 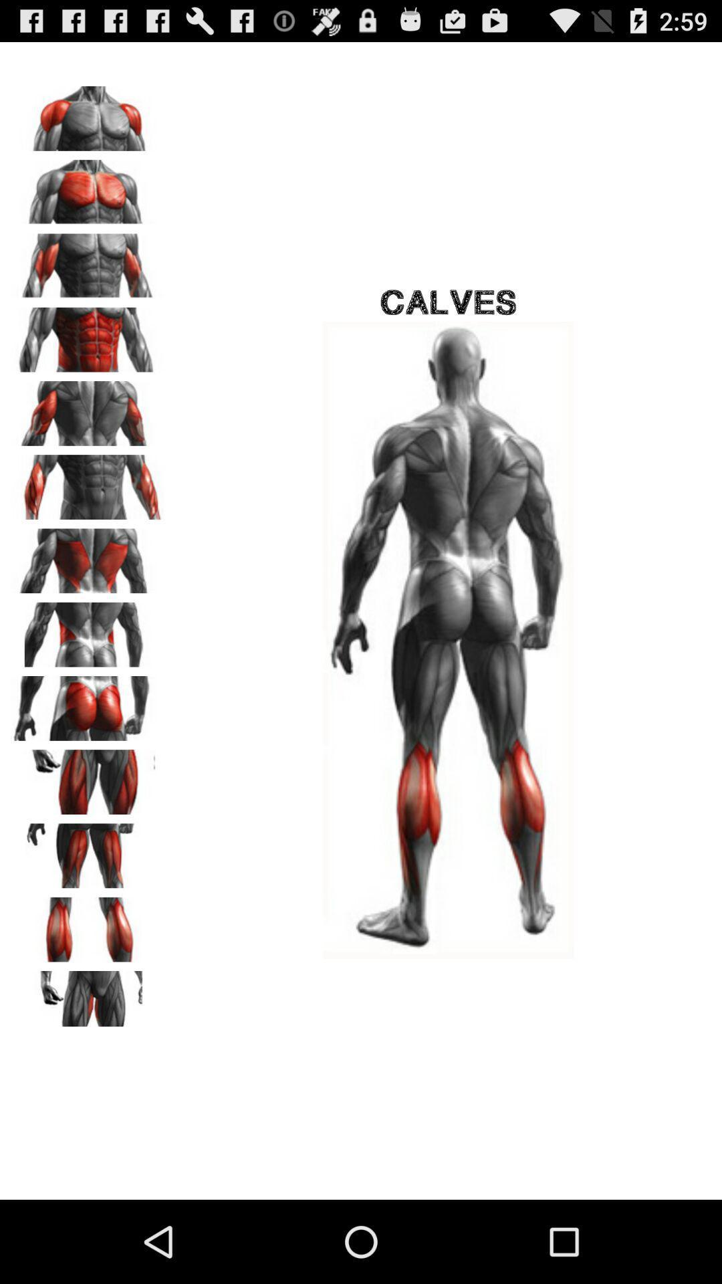 What do you see at coordinates (88, 703) in the screenshot?
I see `glutes` at bounding box center [88, 703].